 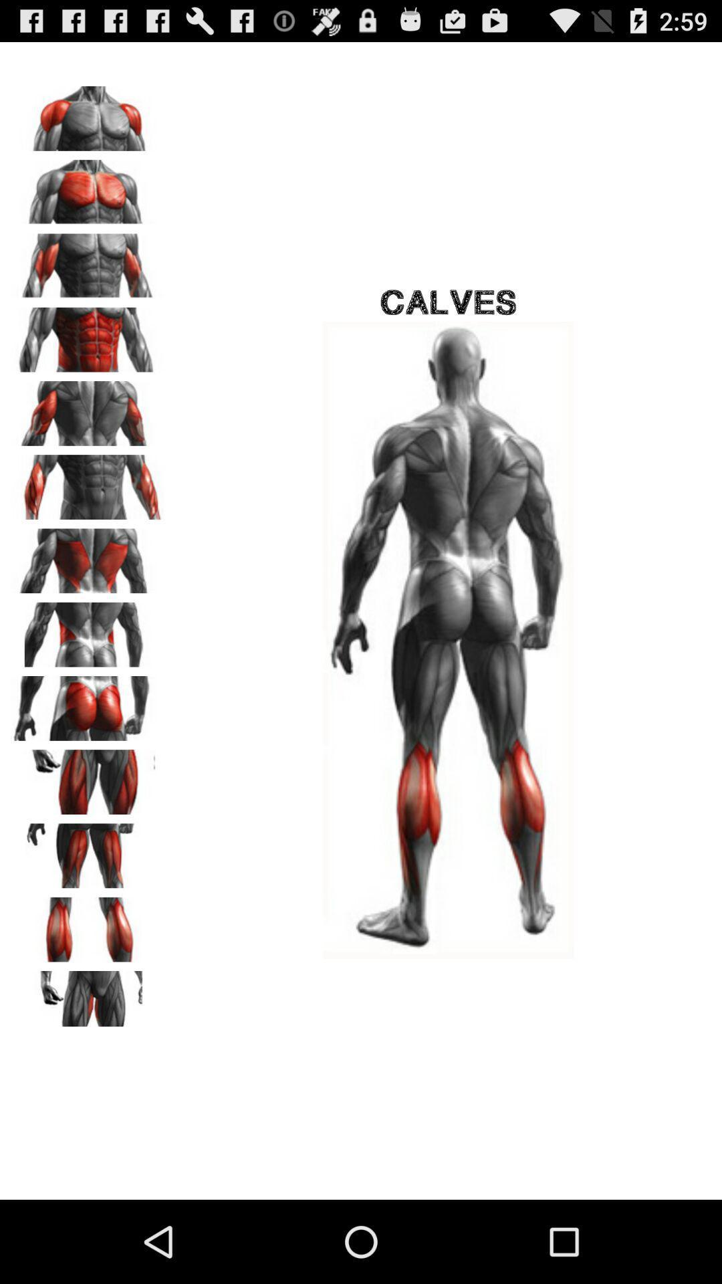 What do you see at coordinates (88, 703) in the screenshot?
I see `glutes` at bounding box center [88, 703].